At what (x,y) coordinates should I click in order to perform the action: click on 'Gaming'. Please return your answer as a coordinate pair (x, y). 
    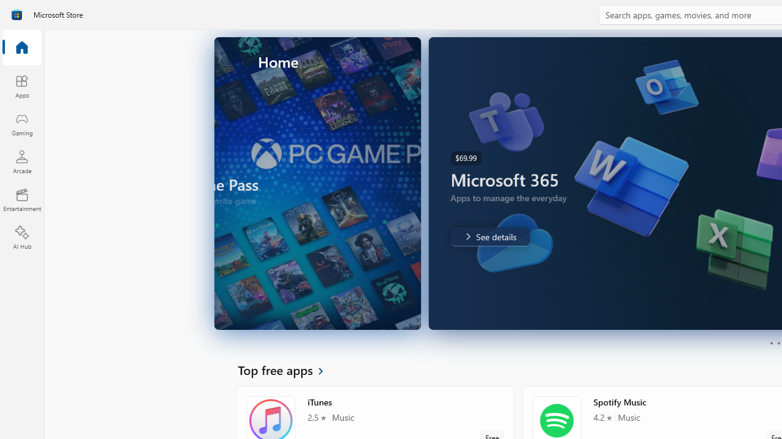
    Looking at the image, I should click on (21, 124).